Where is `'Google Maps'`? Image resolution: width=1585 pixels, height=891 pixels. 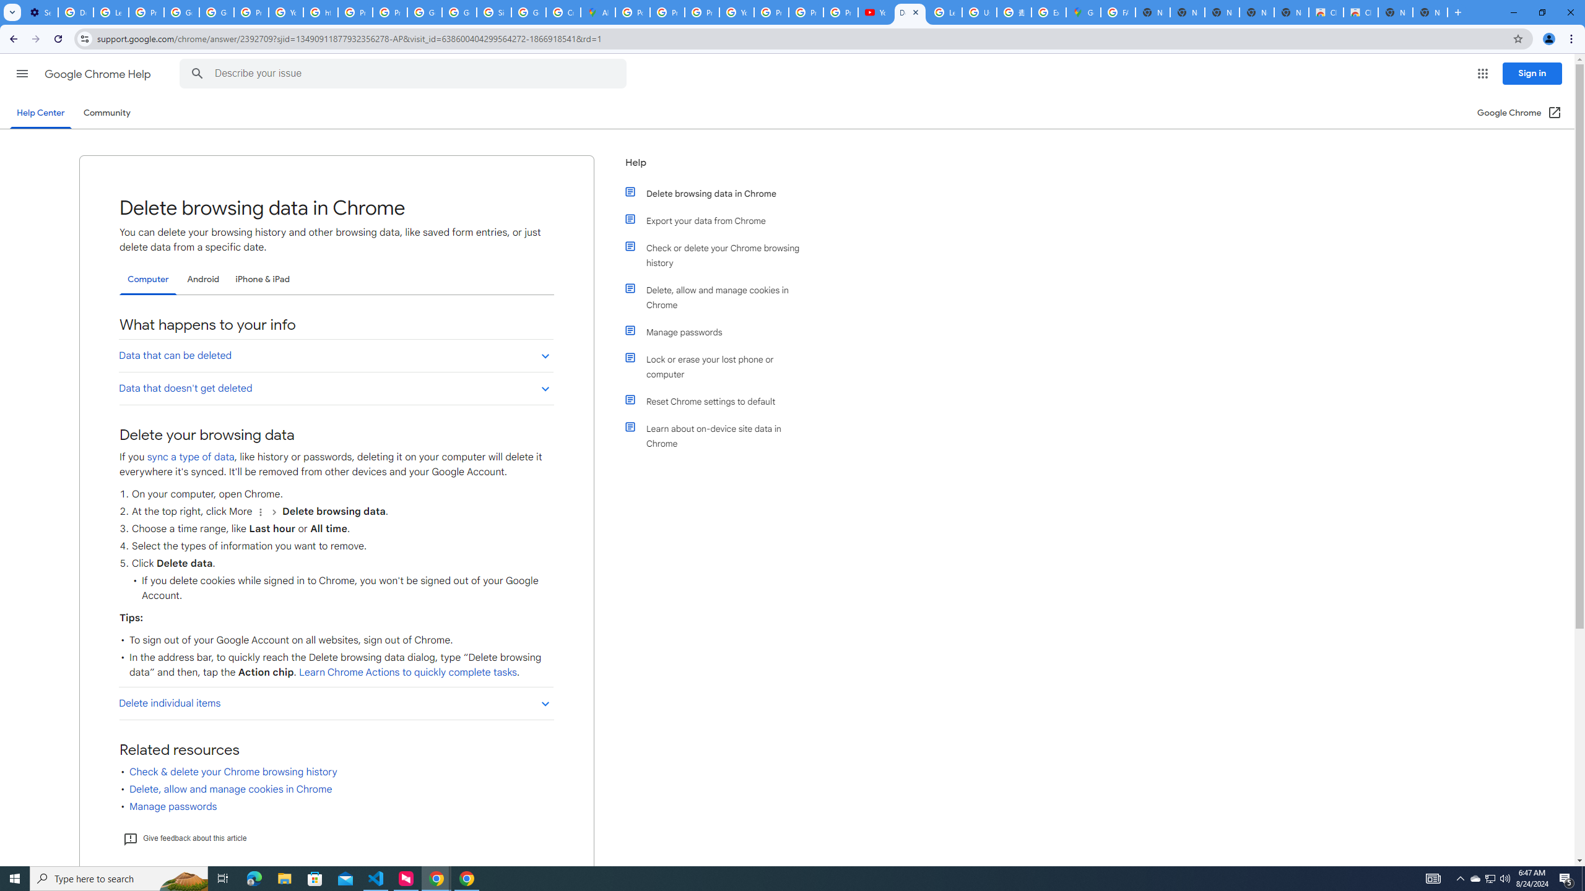
'Google Maps' is located at coordinates (1082, 12).